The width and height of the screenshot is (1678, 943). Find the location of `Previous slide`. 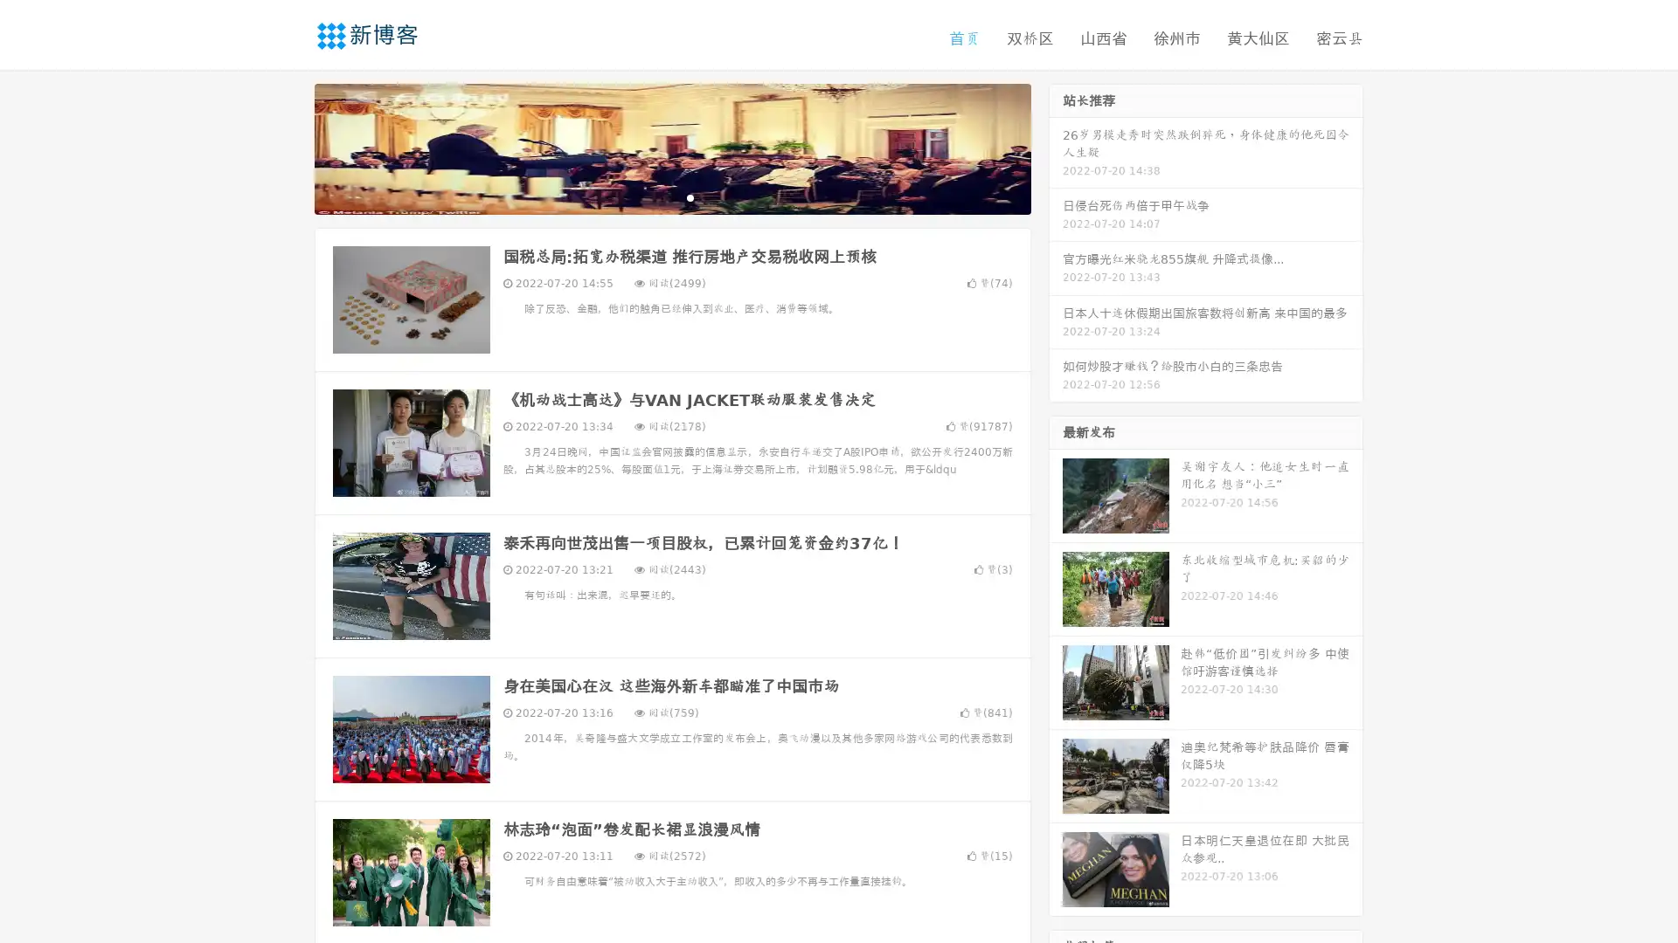

Previous slide is located at coordinates (288, 147).